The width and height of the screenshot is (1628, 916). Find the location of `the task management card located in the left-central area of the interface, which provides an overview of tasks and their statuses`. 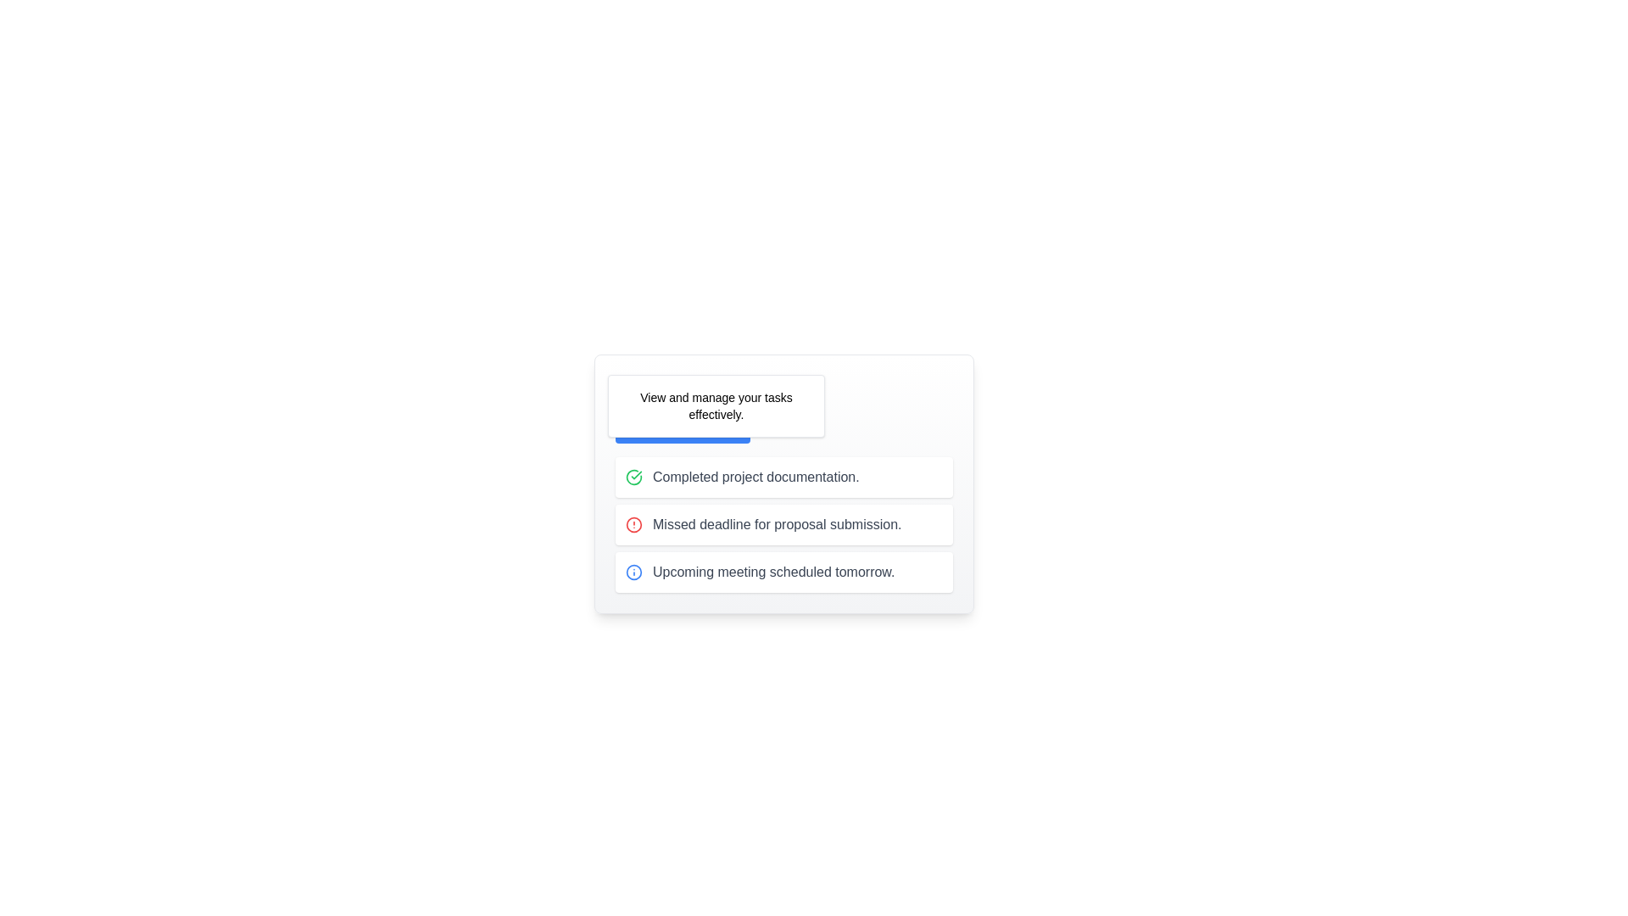

the task management card located in the left-central area of the interface, which provides an overview of tasks and their statuses is located at coordinates (783, 483).